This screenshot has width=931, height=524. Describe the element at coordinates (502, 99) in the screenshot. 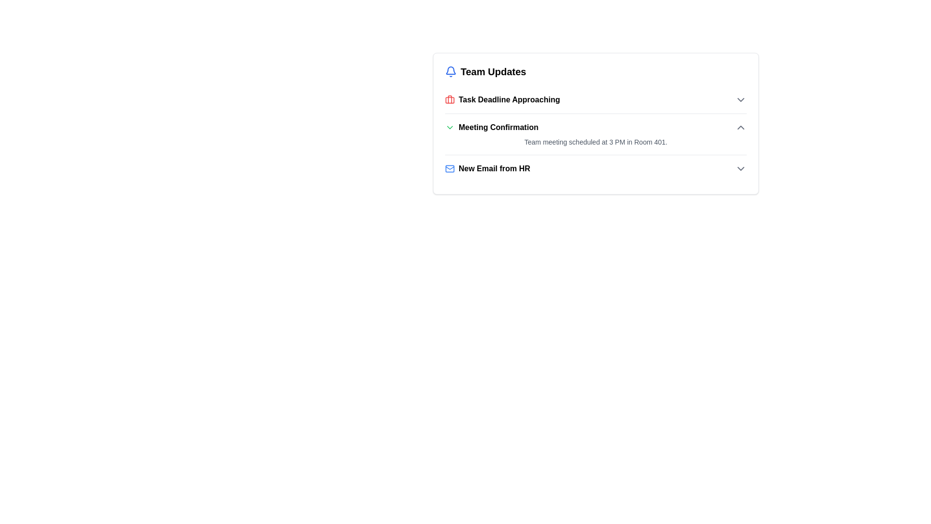

I see `the first Notification item in the 'Team Updates' card` at that location.